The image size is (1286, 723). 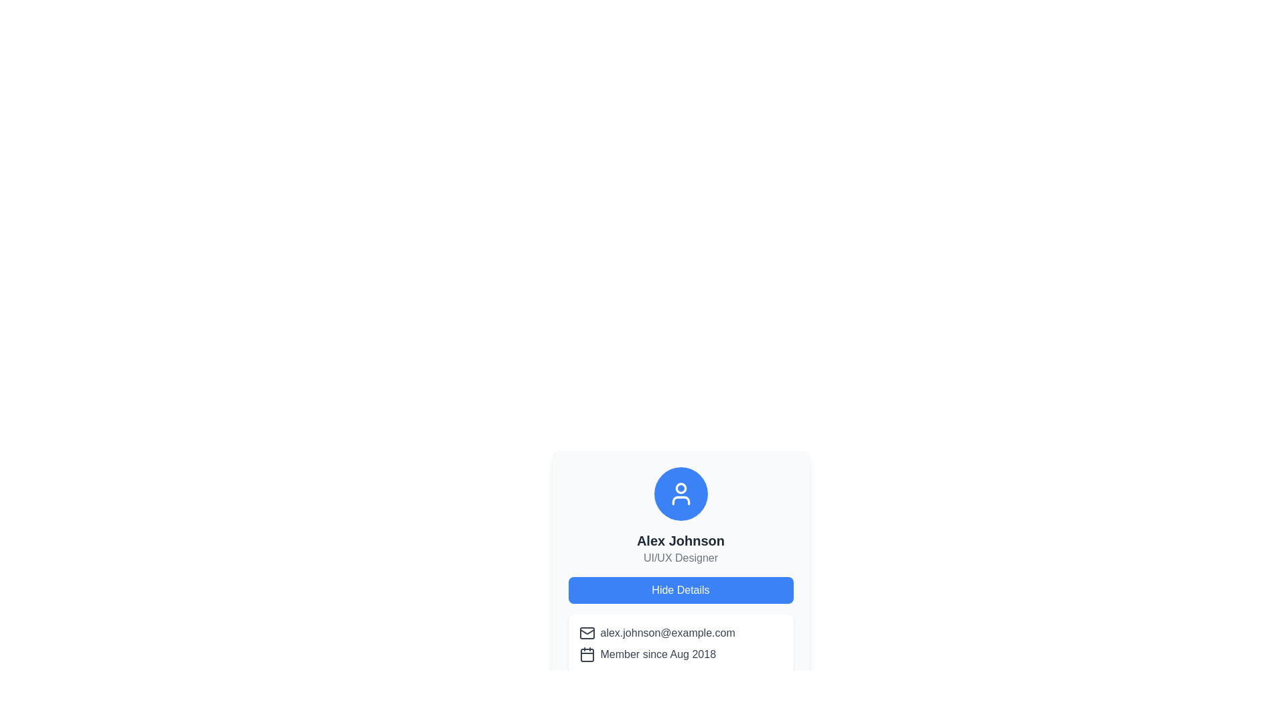 What do you see at coordinates (786, 692) in the screenshot?
I see `keyboard navigation` at bounding box center [786, 692].